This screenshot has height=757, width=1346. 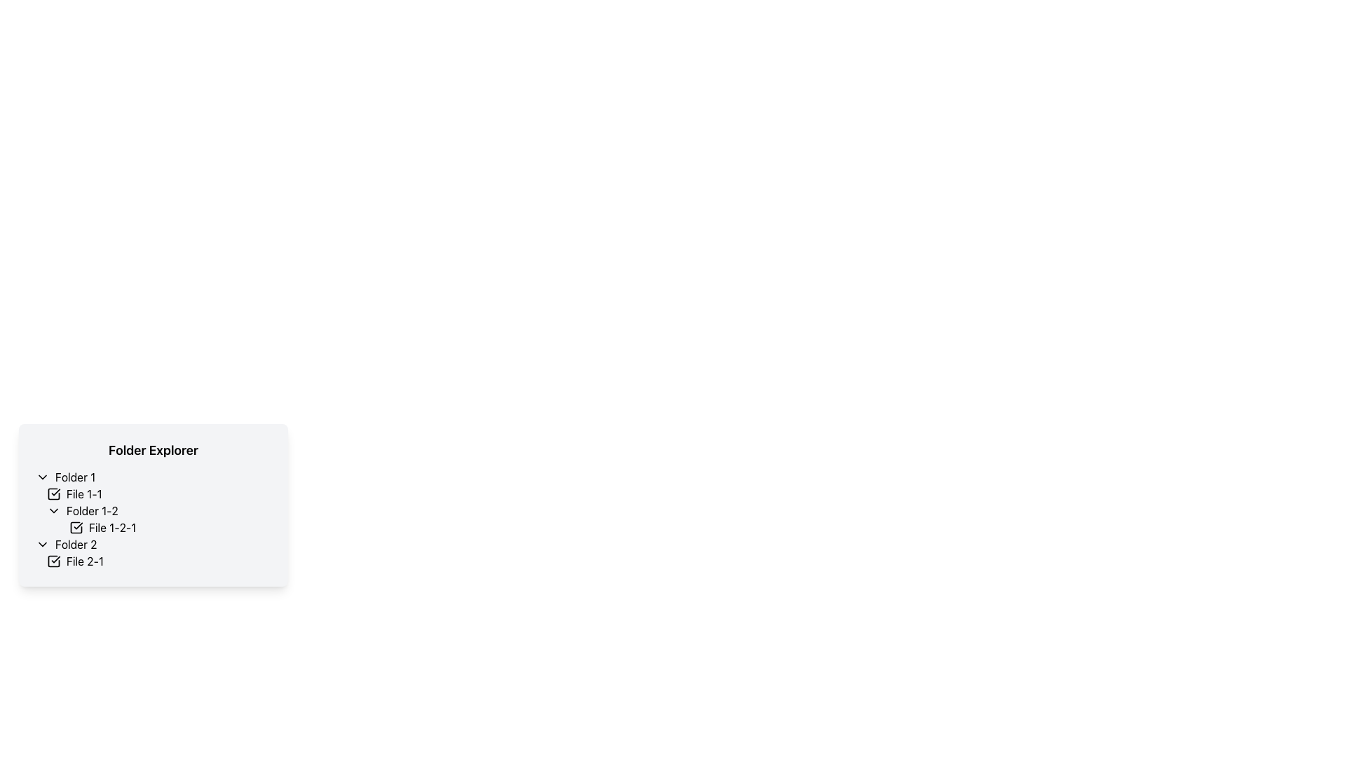 What do you see at coordinates (75, 543) in the screenshot?
I see `the text label displaying 'Folder 2'` at bounding box center [75, 543].